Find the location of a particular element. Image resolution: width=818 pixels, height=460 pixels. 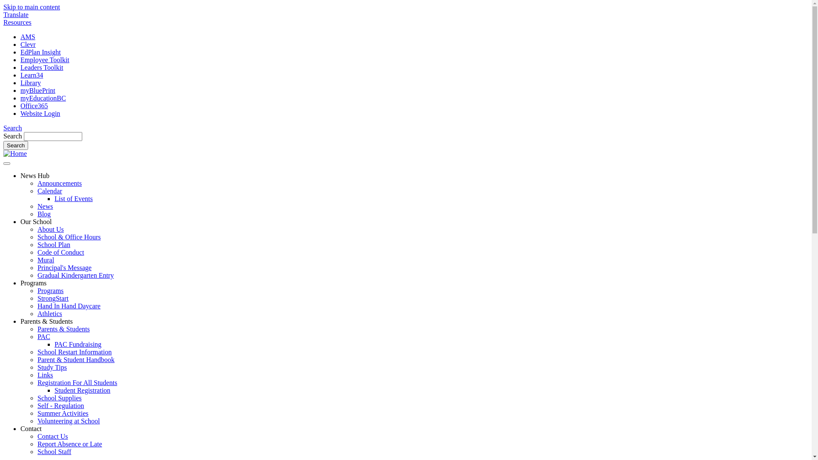

'Principal's Message' is located at coordinates (64, 267).